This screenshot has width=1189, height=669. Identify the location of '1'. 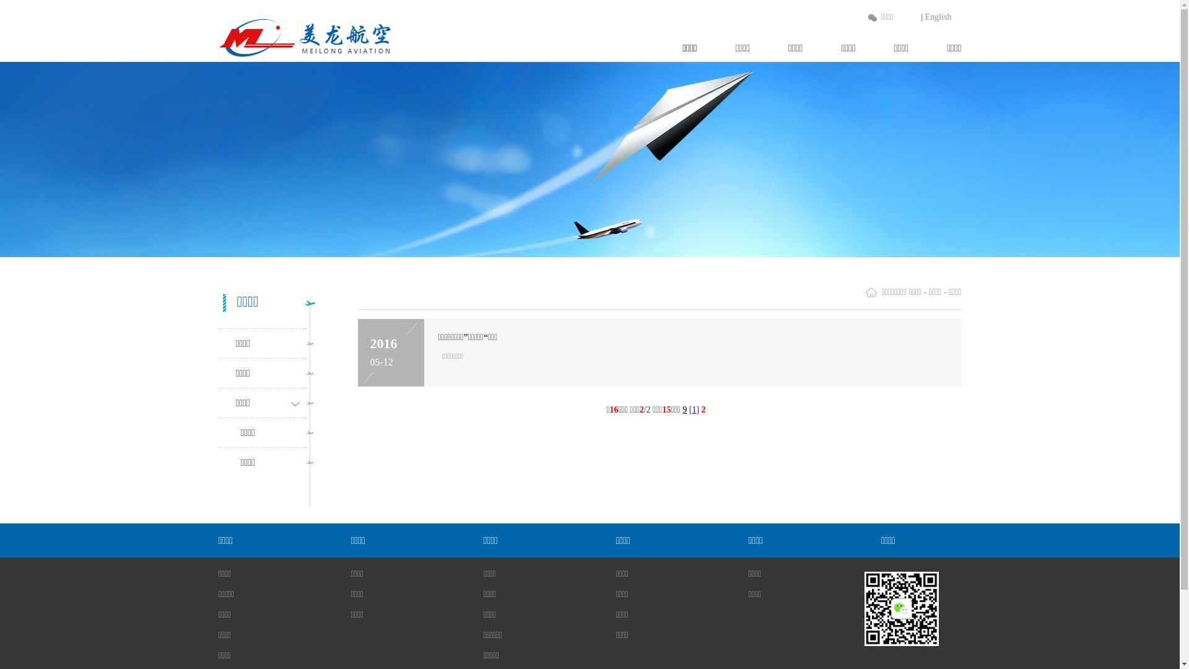
(691, 409).